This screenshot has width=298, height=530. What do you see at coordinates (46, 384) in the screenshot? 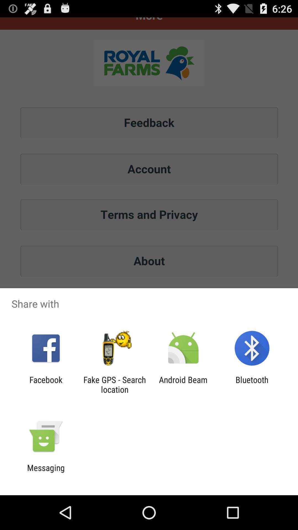
I see `icon to the left of the fake gps search icon` at bounding box center [46, 384].